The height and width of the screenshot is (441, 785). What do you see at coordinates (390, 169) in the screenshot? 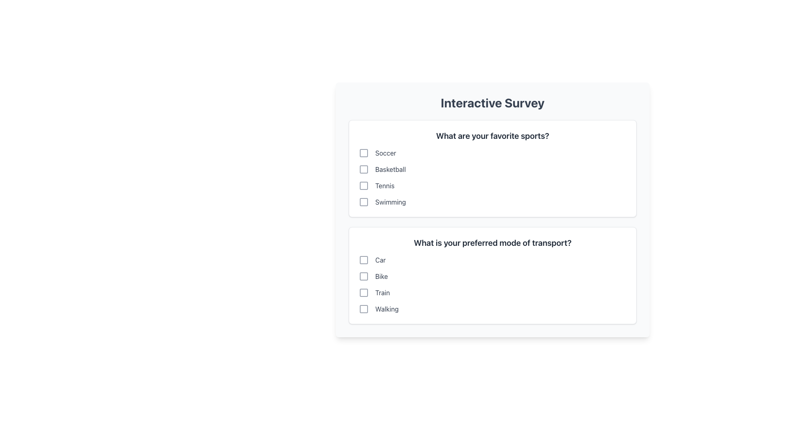
I see `the Text Label displaying 'Basketball', which is the second item in the list under 'What are your favorite sports?'` at bounding box center [390, 169].